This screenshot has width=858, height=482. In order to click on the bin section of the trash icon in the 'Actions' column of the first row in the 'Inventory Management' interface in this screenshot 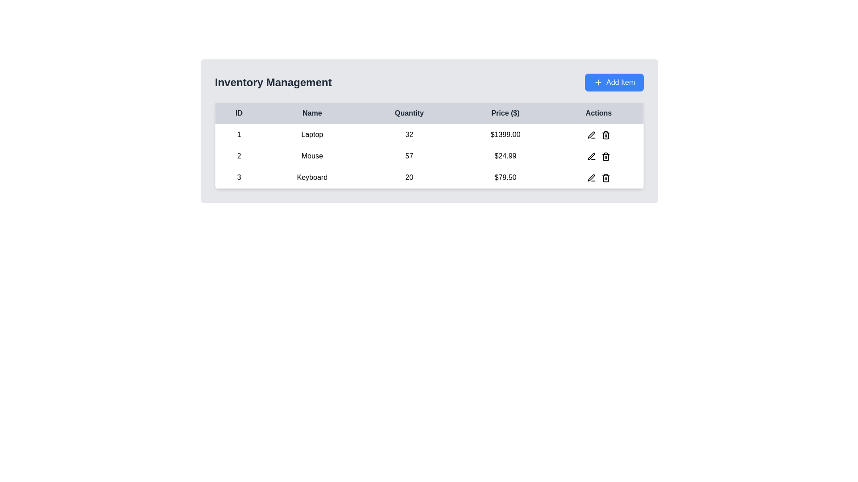, I will do `click(606, 136)`.